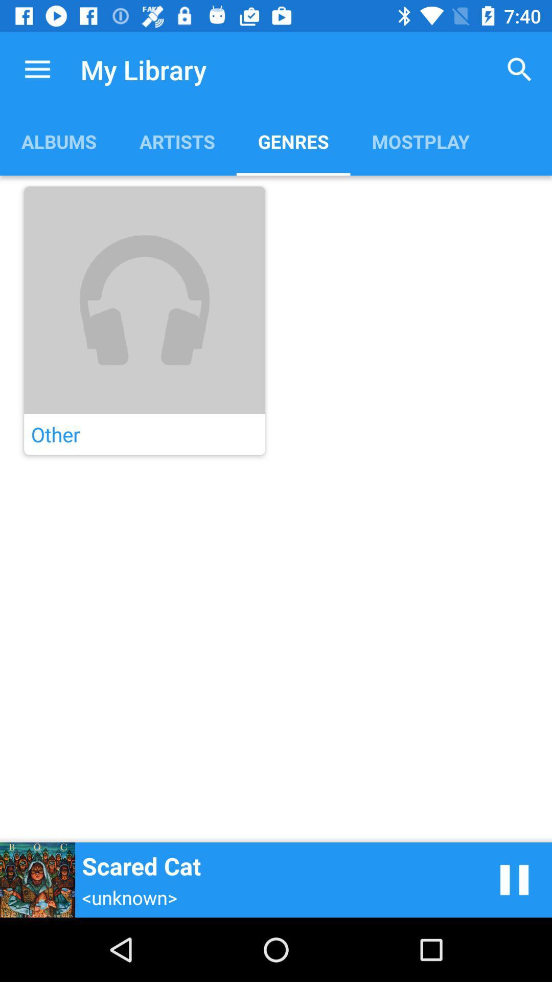 The height and width of the screenshot is (982, 552). I want to click on artists, so click(176, 141).